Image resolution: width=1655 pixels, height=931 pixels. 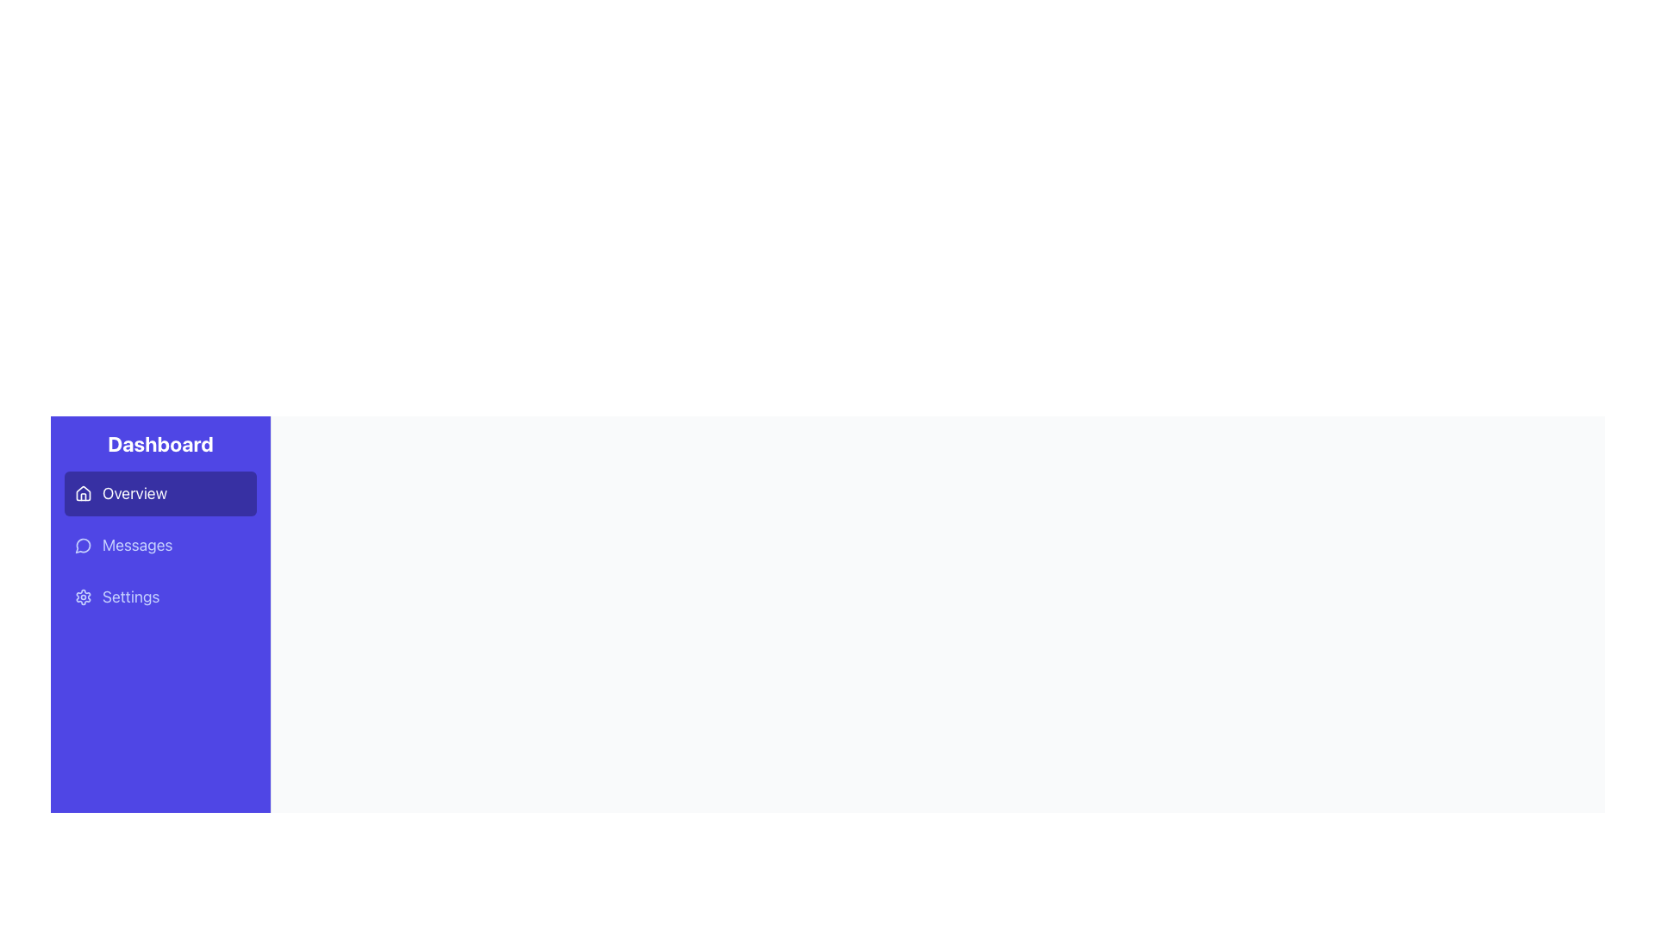 What do you see at coordinates (82, 597) in the screenshot?
I see `the settings icon located on the far left of the sidebar, second row` at bounding box center [82, 597].